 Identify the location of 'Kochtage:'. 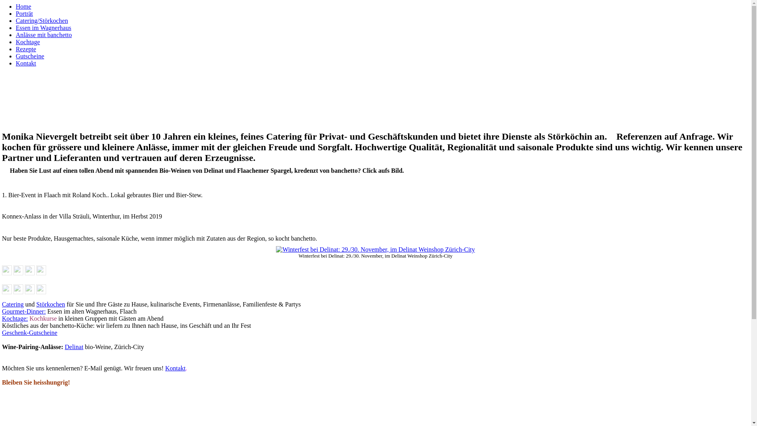
(15, 318).